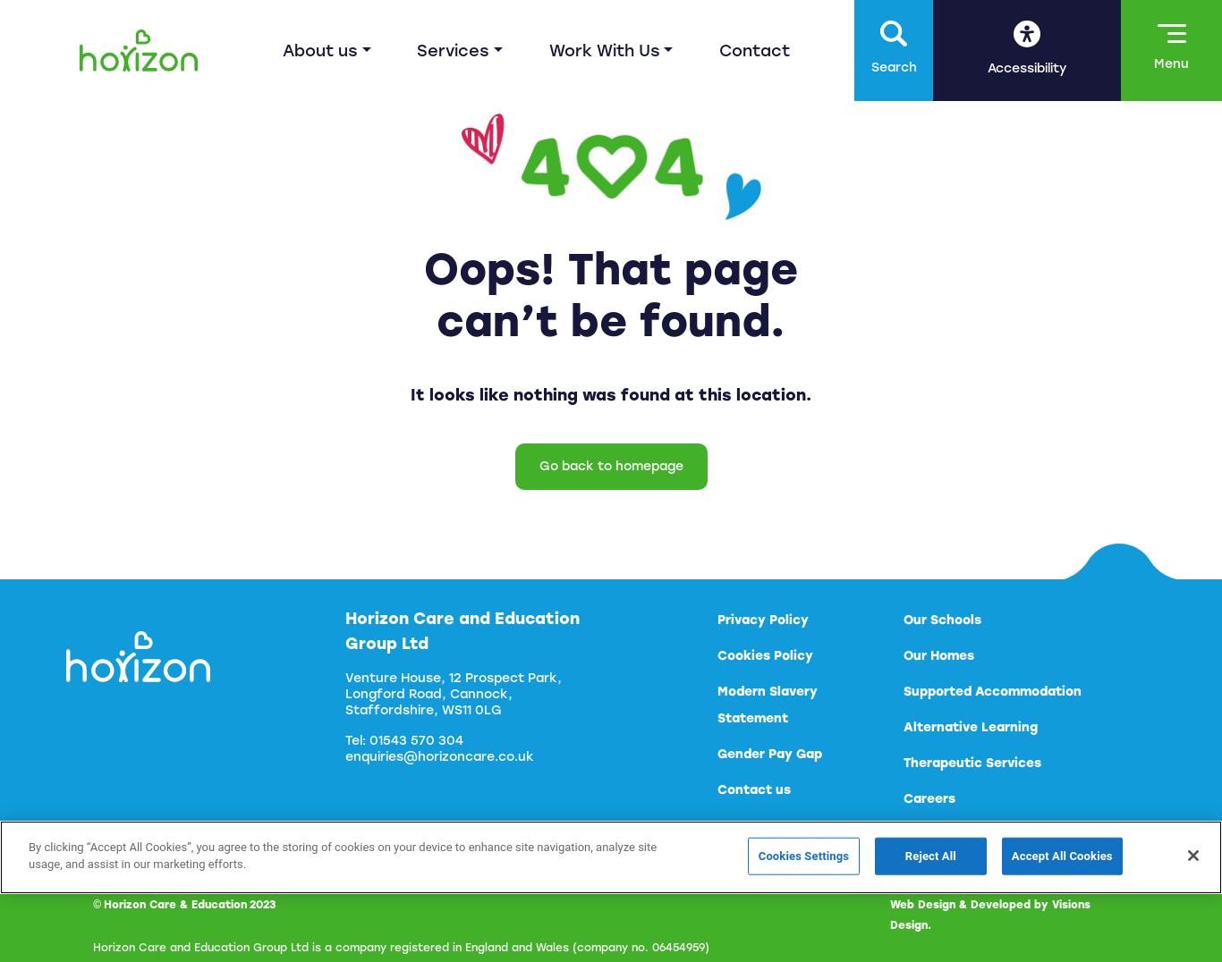 Image resolution: width=1222 pixels, height=962 pixels. Describe the element at coordinates (1153, 63) in the screenshot. I see `'Menu'` at that location.